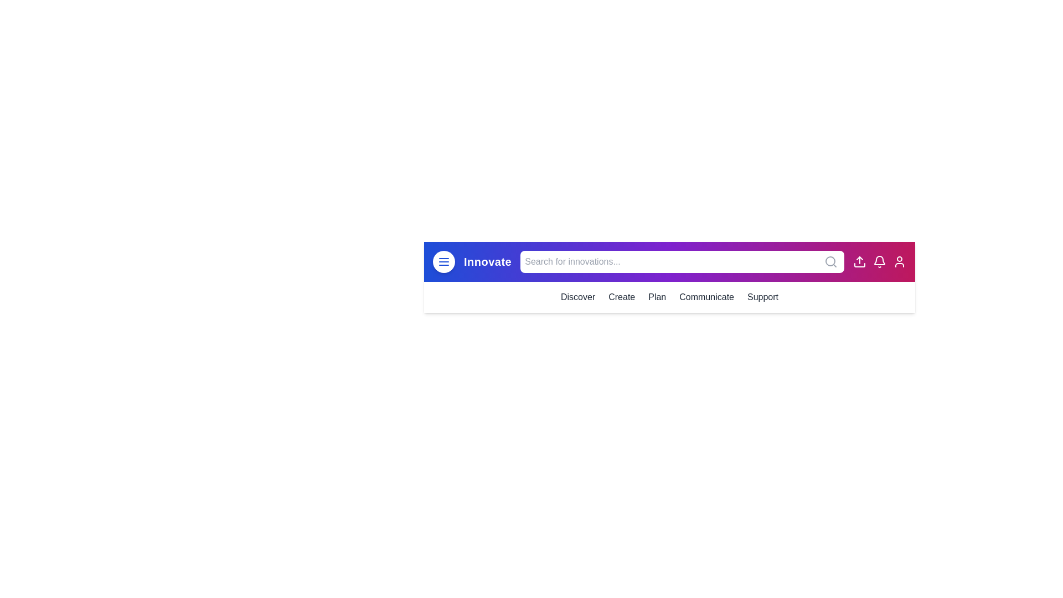  I want to click on the search bar and type the text 'Innovation', so click(682, 262).